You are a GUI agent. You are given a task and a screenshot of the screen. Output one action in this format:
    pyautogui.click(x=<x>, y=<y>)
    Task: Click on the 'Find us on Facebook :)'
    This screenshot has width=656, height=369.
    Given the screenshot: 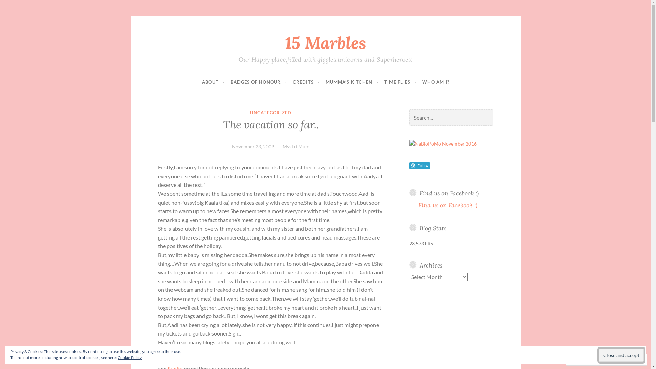 What is the action you would take?
    pyautogui.click(x=448, y=205)
    